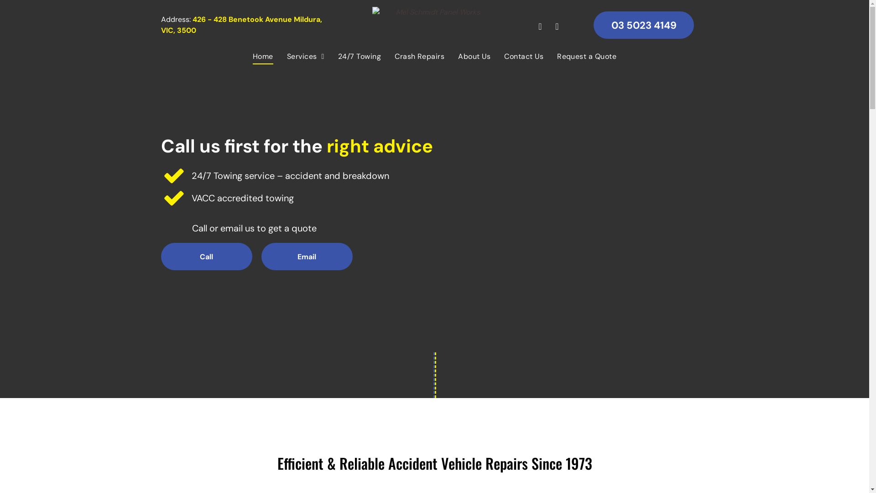 The image size is (876, 493). What do you see at coordinates (643, 24) in the screenshot?
I see `'03 5023 4149'` at bounding box center [643, 24].